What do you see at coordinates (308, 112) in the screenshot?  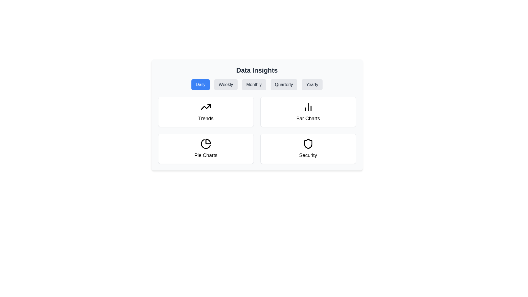 I see `the second card in the first row of the grid layout` at bounding box center [308, 112].